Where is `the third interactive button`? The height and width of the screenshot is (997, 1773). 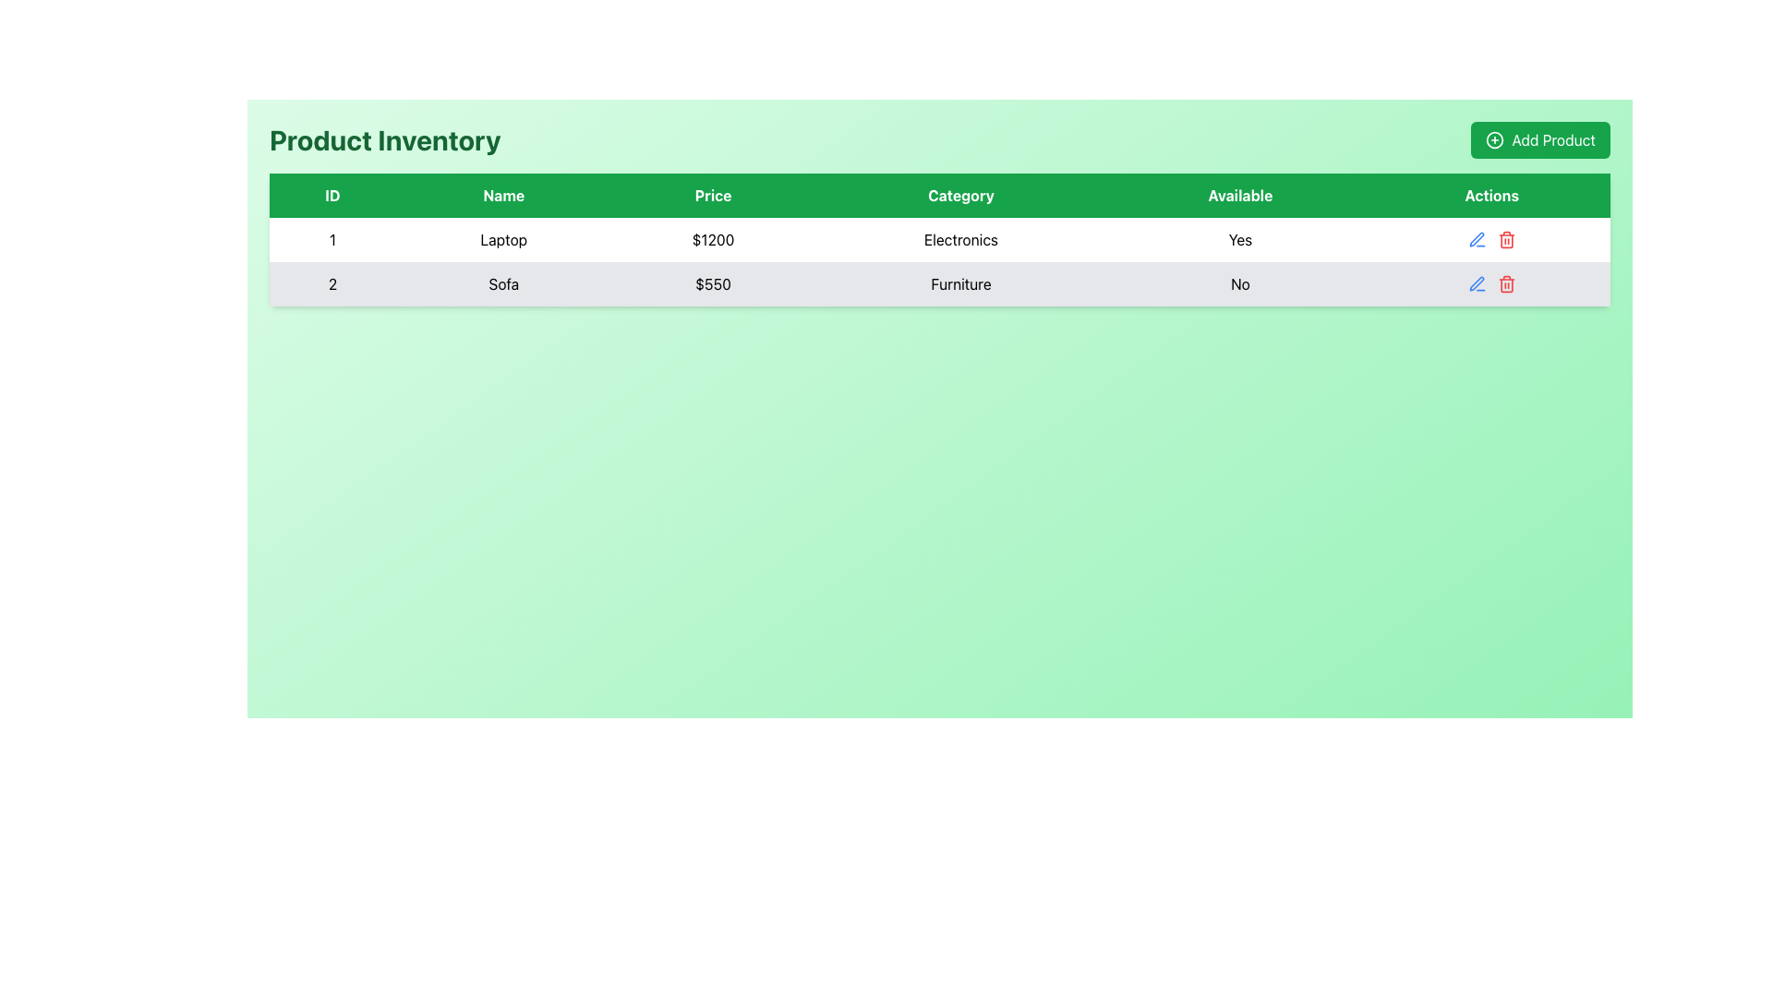 the third interactive button is located at coordinates (1506, 238).